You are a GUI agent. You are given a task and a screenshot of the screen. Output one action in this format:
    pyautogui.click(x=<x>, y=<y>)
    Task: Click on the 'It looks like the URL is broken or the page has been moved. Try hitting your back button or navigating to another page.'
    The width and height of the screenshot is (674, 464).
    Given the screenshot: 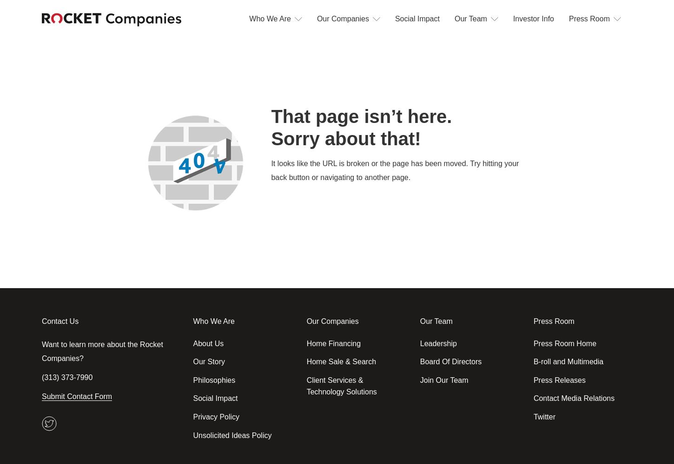 What is the action you would take?
    pyautogui.click(x=271, y=170)
    